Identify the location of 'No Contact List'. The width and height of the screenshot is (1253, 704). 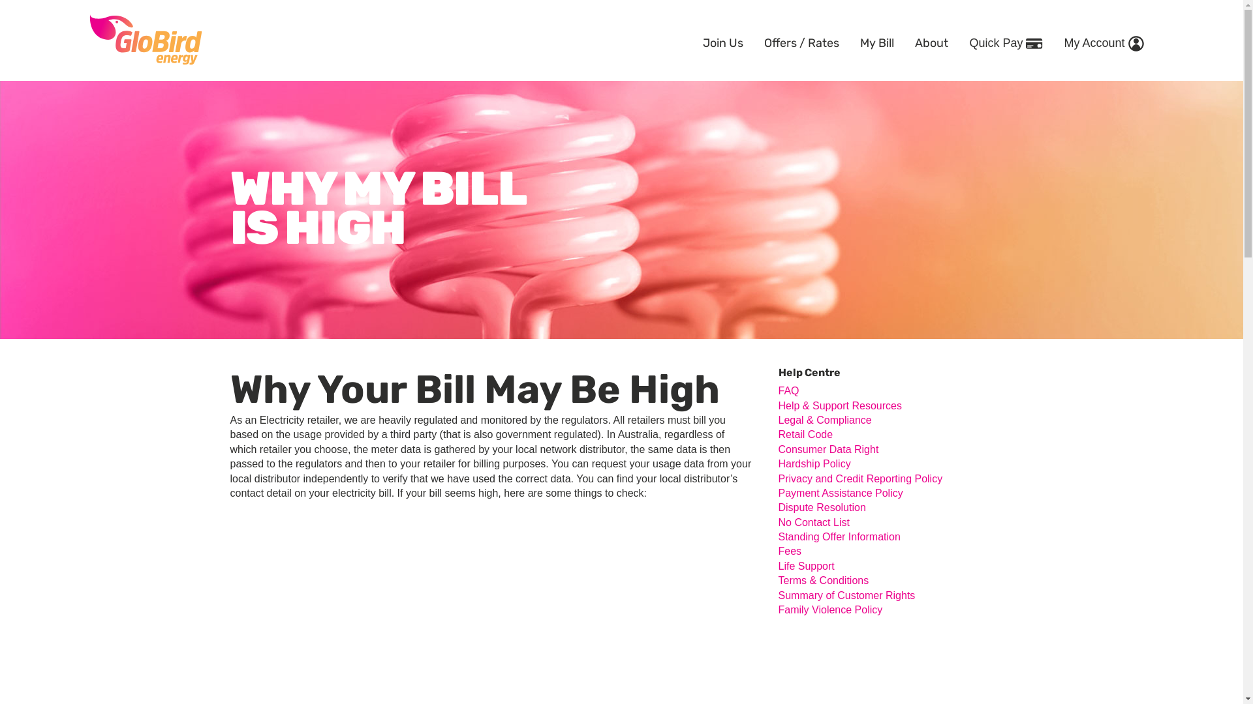
(777, 521).